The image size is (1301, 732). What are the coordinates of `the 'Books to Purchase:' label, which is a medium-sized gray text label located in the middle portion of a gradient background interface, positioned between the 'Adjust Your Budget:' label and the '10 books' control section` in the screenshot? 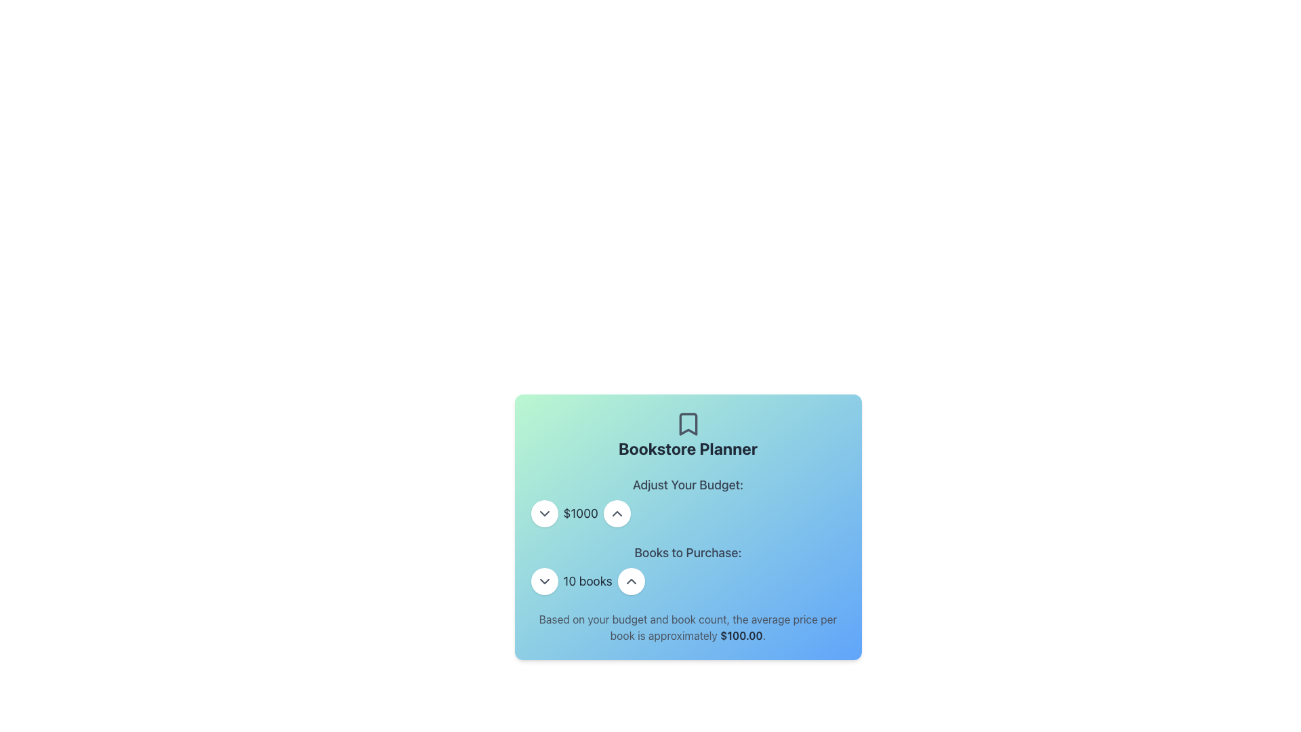 It's located at (688, 553).